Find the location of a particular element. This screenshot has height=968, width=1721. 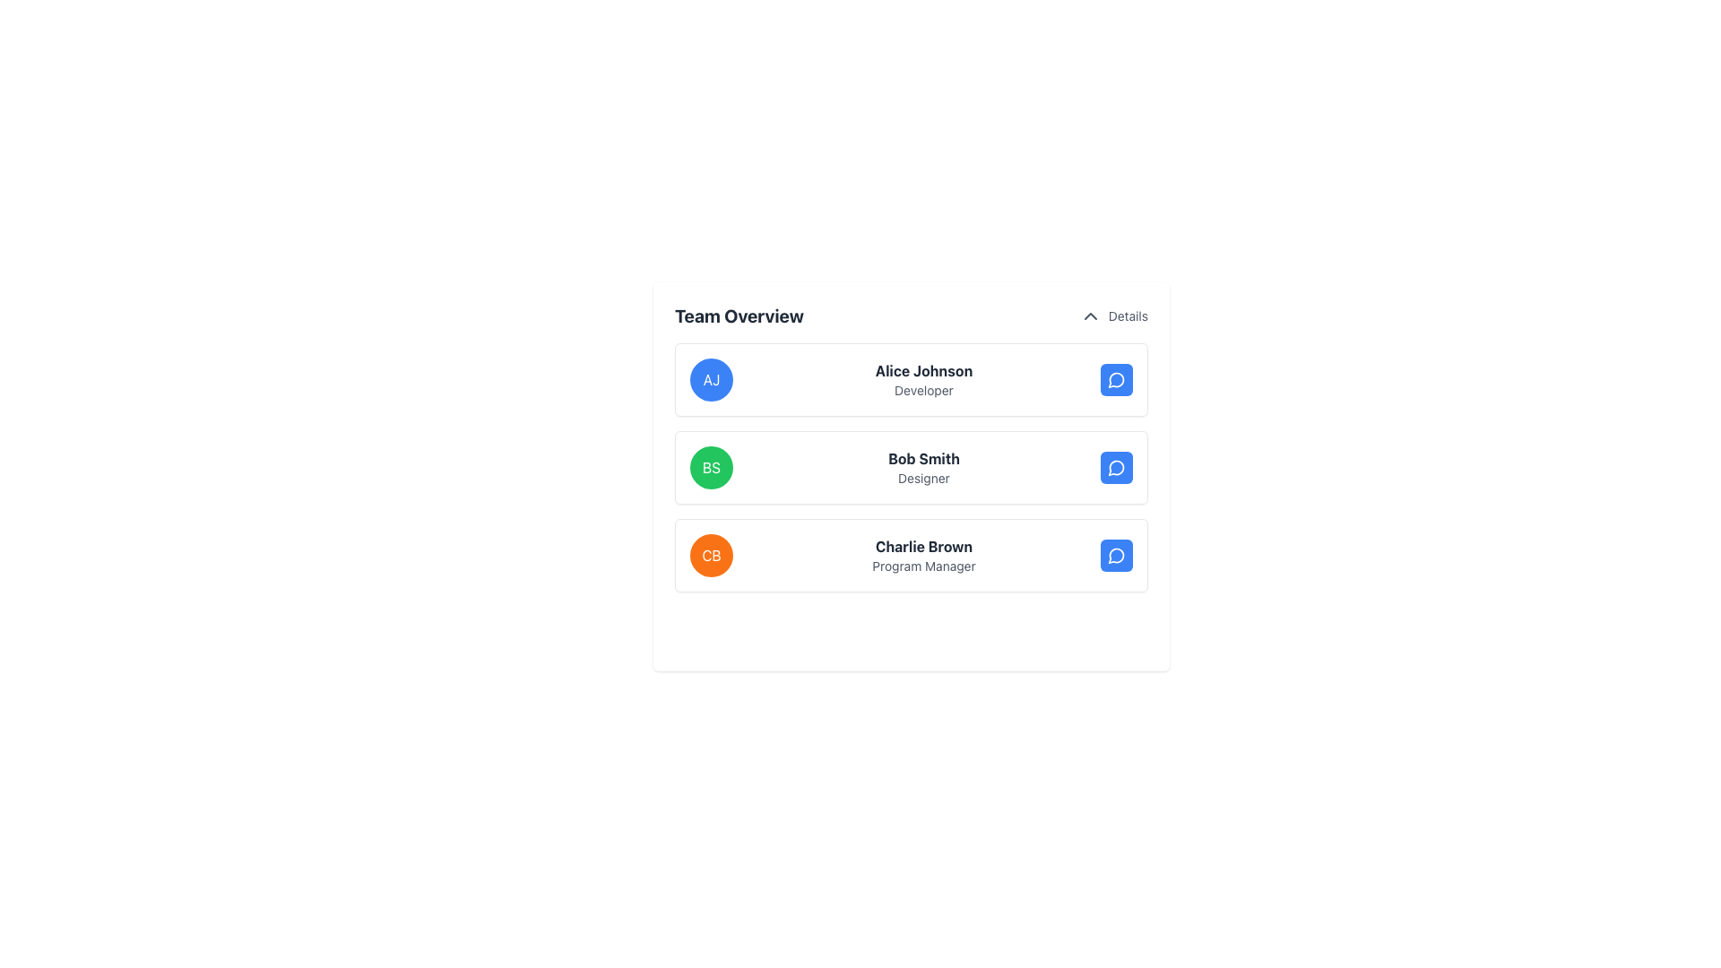

the name 'Bob Smith' in the second item of the team member list is located at coordinates (912, 466).